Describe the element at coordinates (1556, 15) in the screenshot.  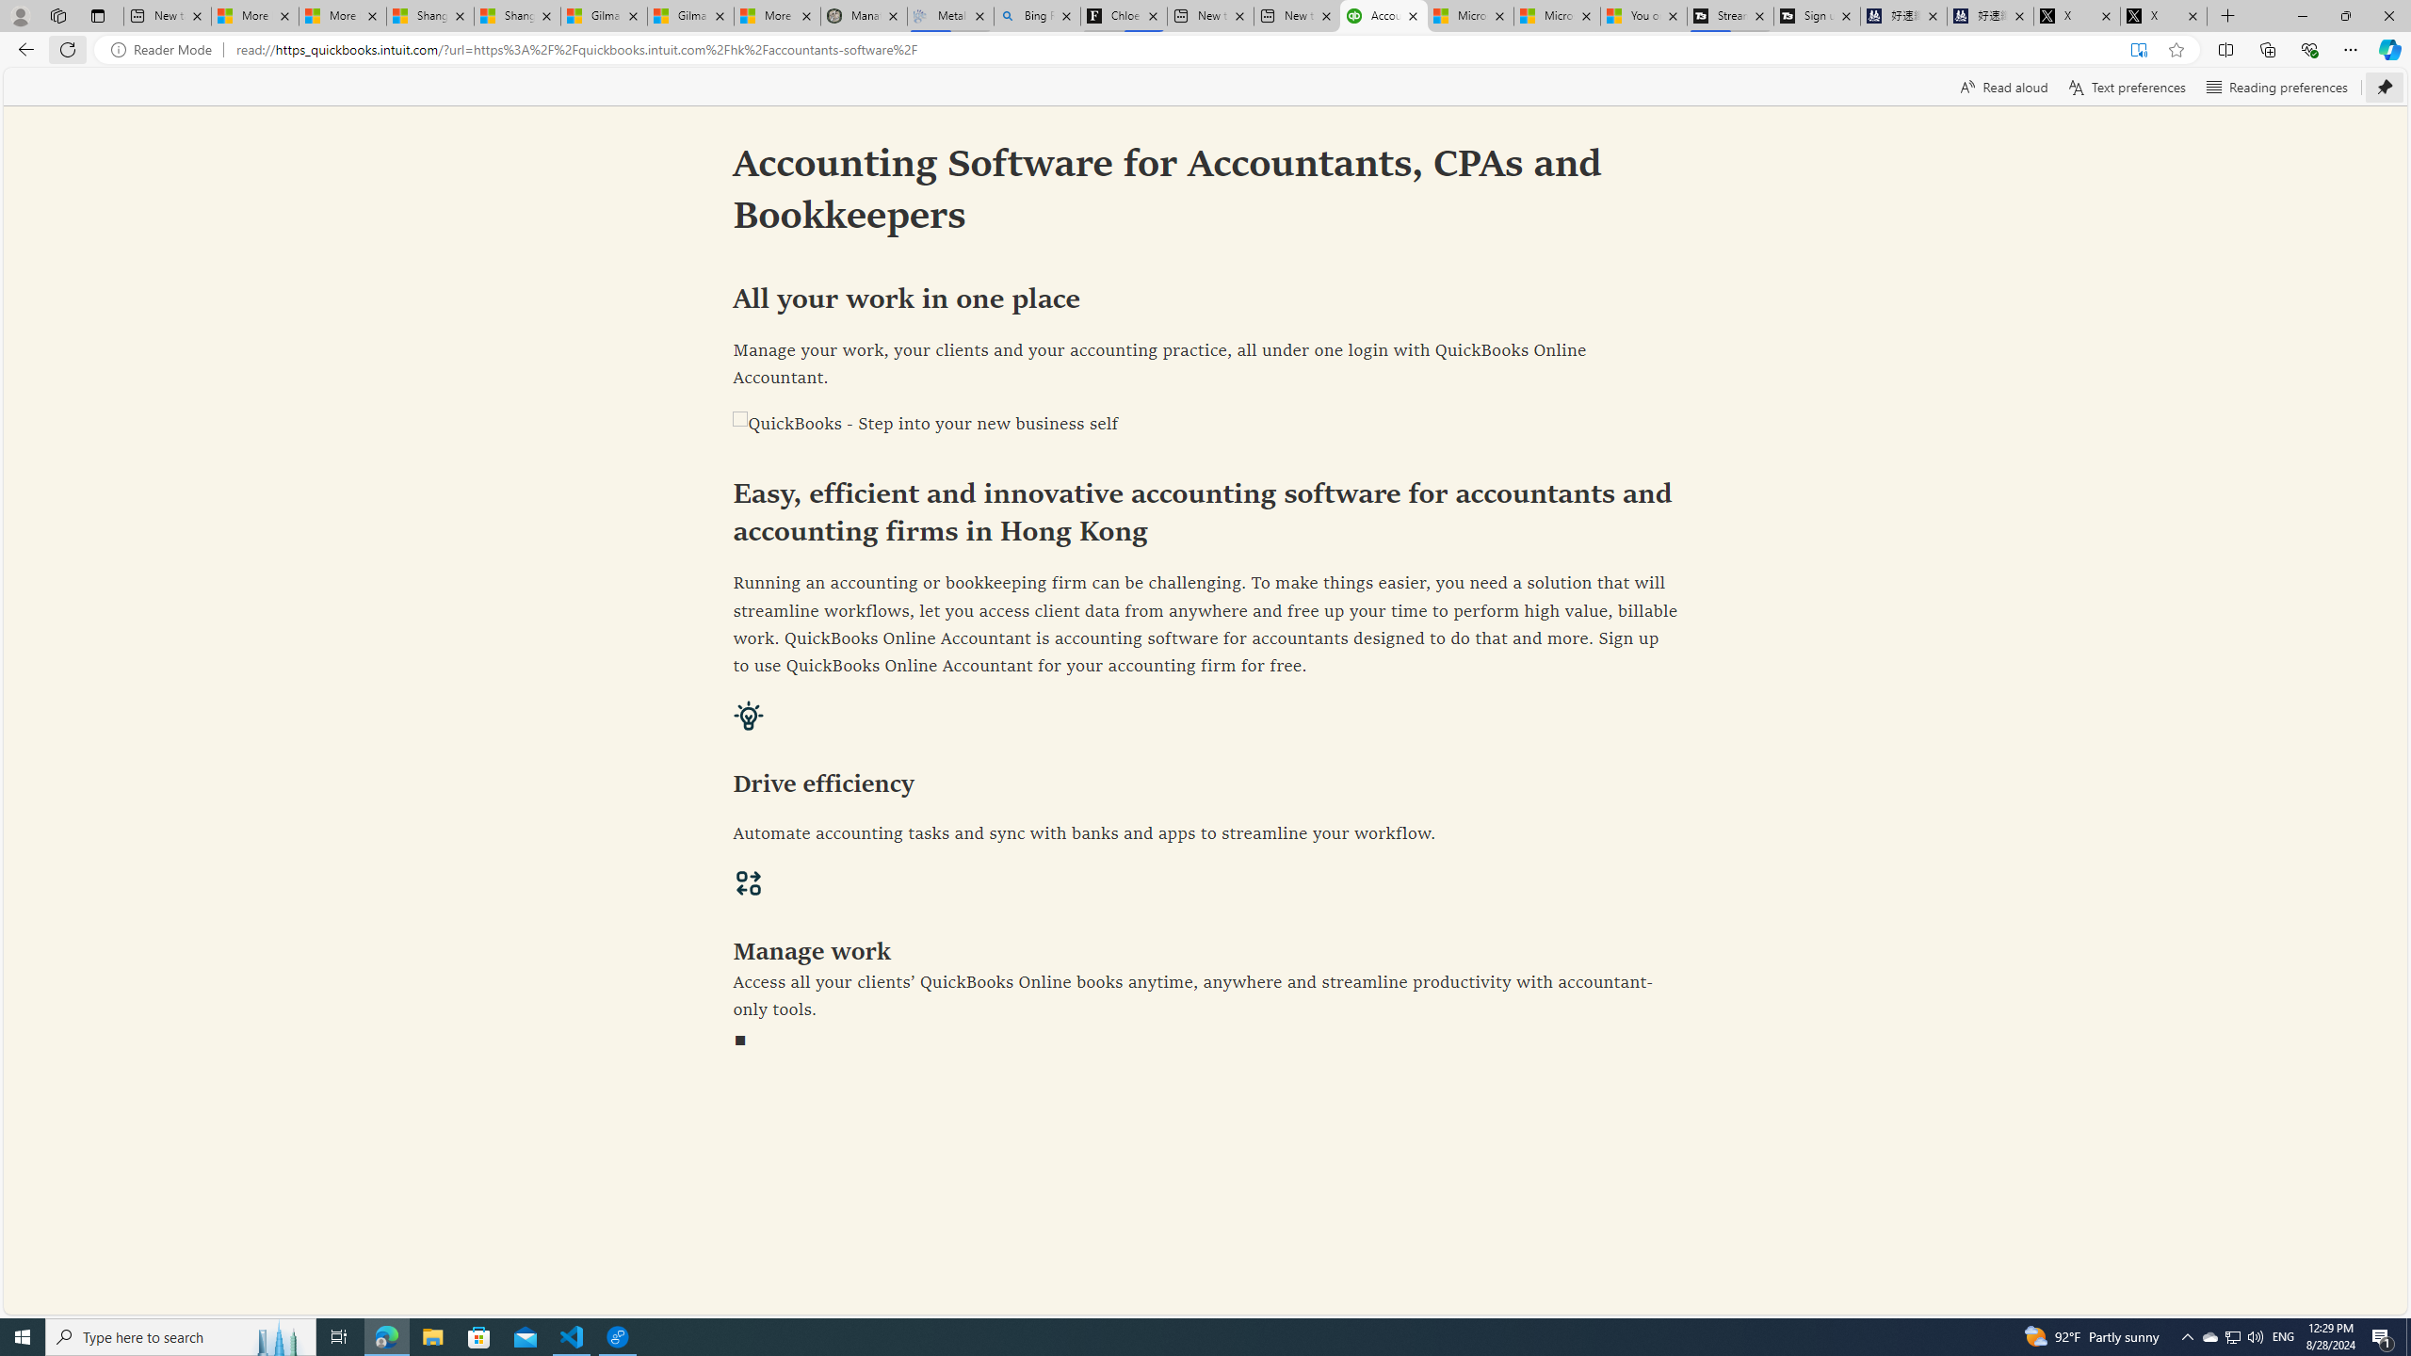
I see `'Microsoft Start'` at that location.